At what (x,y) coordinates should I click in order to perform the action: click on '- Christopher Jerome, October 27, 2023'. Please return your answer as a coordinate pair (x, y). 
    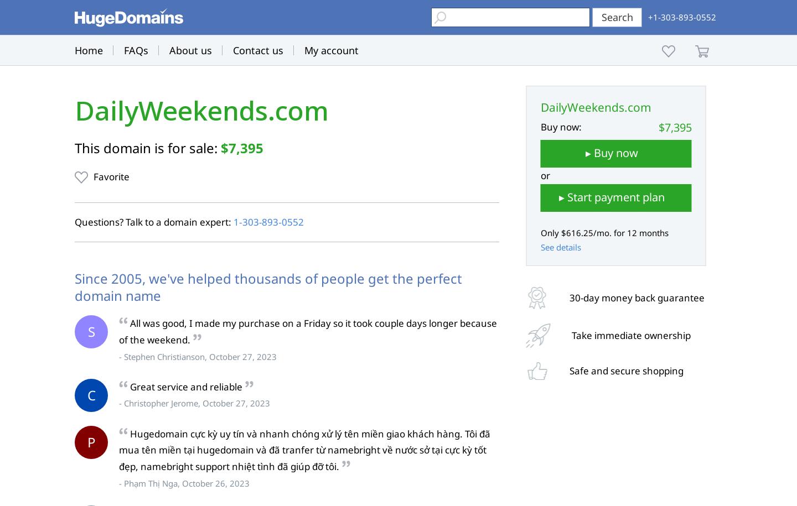
    Looking at the image, I should click on (194, 403).